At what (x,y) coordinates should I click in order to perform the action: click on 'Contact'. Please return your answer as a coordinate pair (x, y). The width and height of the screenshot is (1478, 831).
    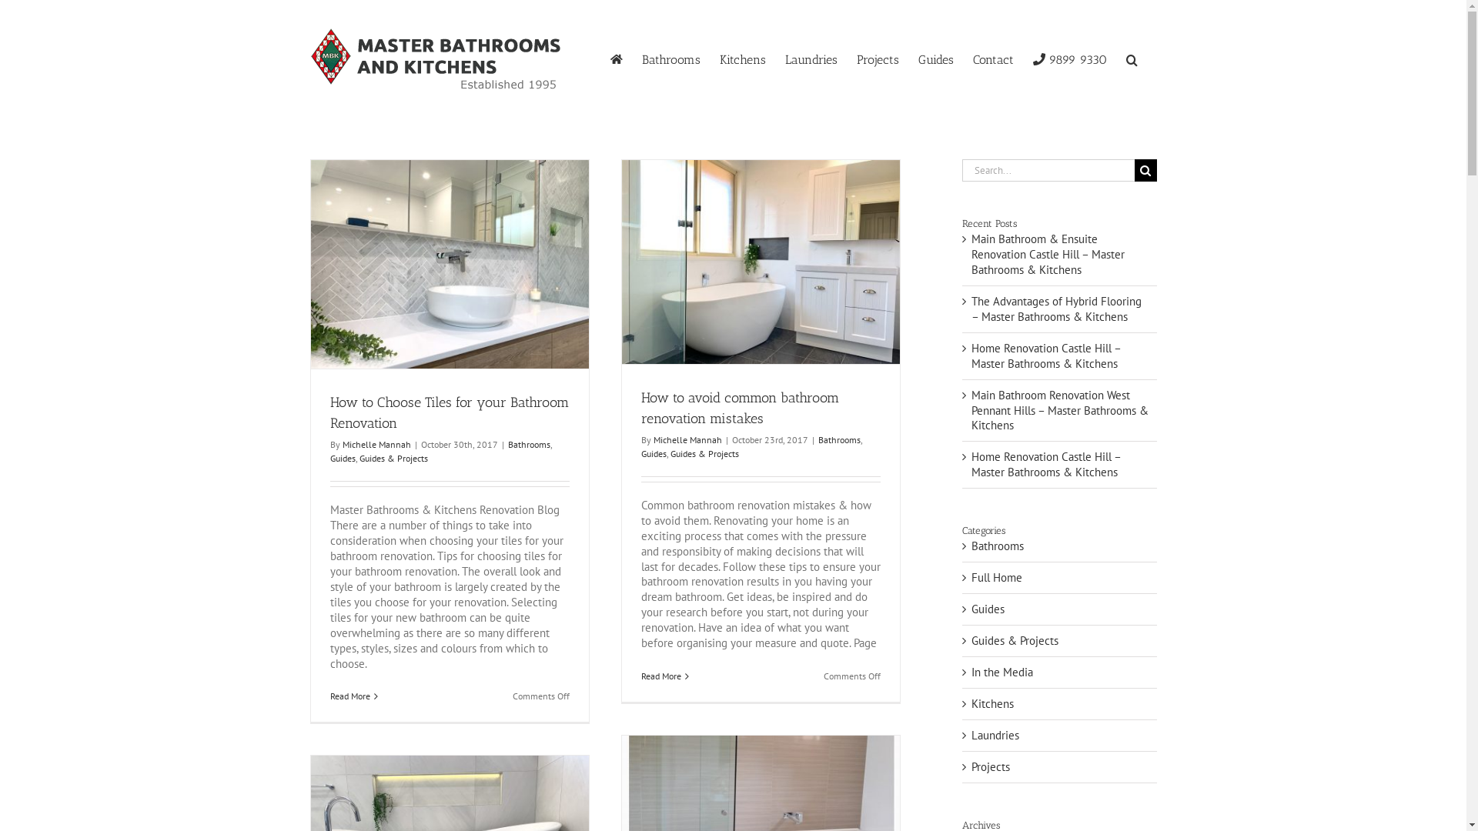
    Looking at the image, I should click on (993, 58).